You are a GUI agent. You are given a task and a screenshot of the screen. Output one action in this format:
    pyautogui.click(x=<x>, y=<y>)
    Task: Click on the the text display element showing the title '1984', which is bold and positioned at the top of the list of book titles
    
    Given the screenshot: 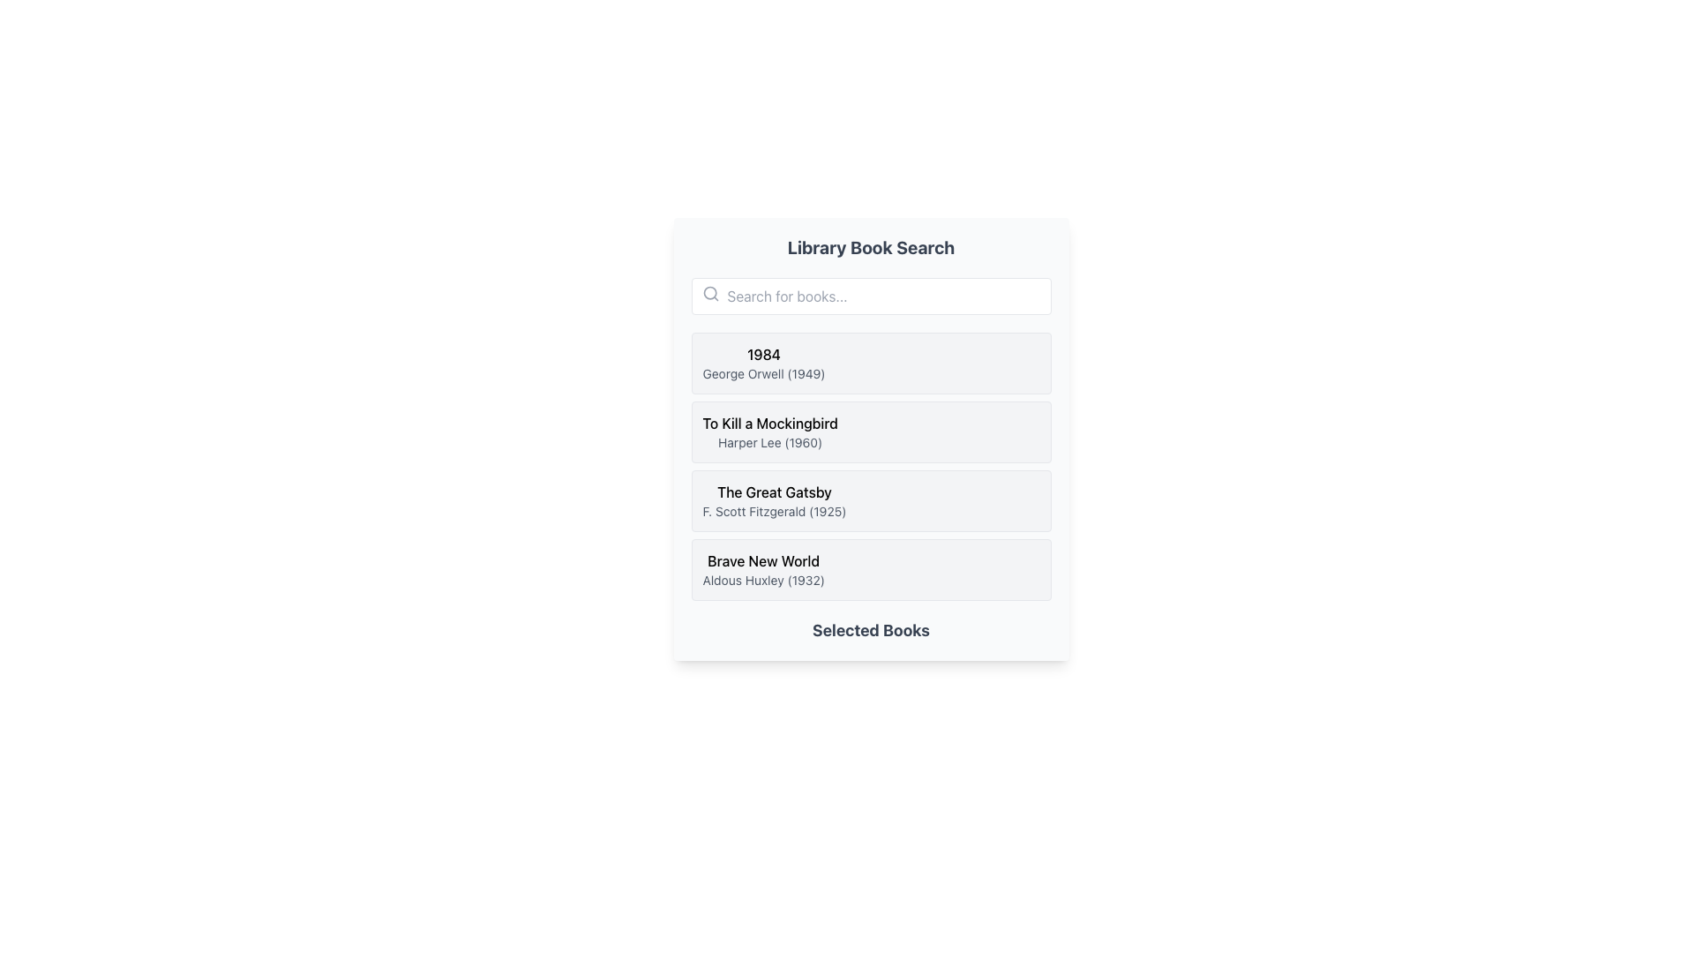 What is the action you would take?
    pyautogui.click(x=764, y=354)
    